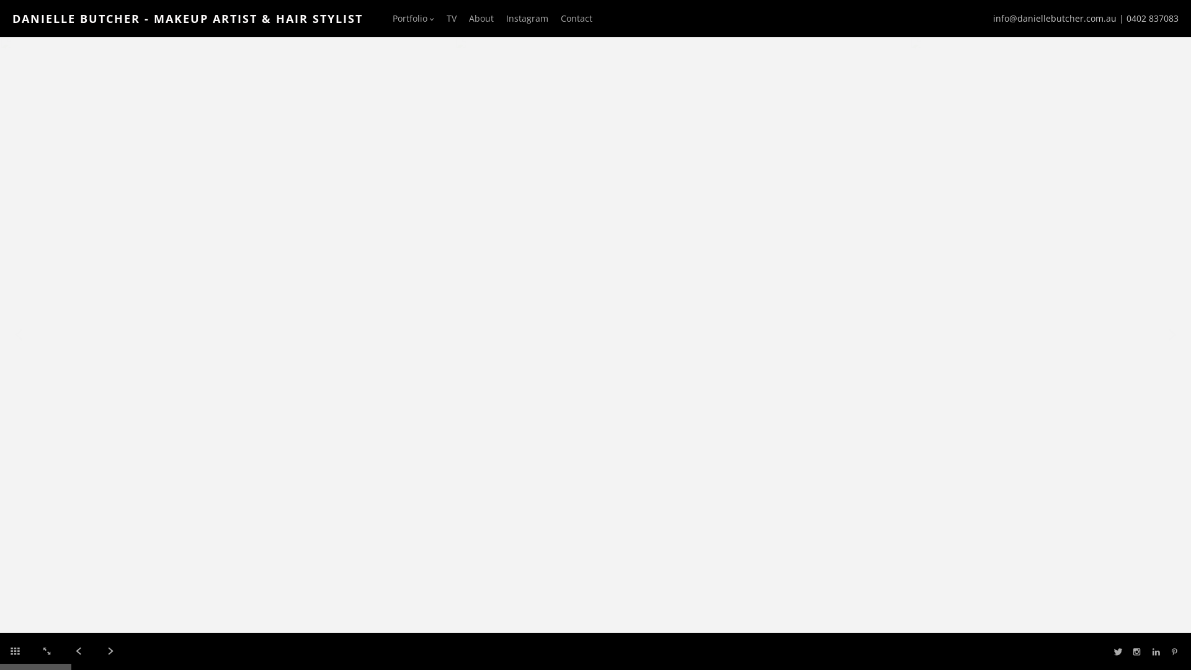 Image resolution: width=1191 pixels, height=670 pixels. What do you see at coordinates (110, 648) in the screenshot?
I see `'Next'` at bounding box center [110, 648].